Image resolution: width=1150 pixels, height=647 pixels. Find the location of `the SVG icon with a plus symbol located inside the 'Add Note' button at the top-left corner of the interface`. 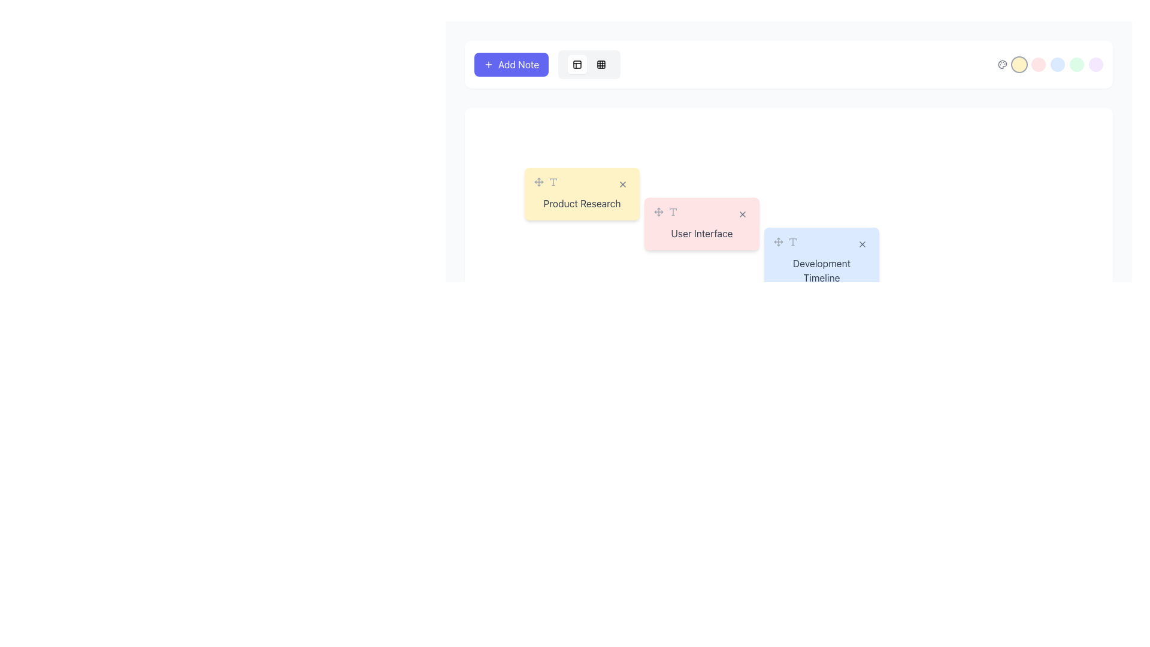

the SVG icon with a plus symbol located inside the 'Add Note' button at the top-left corner of the interface is located at coordinates (489, 65).